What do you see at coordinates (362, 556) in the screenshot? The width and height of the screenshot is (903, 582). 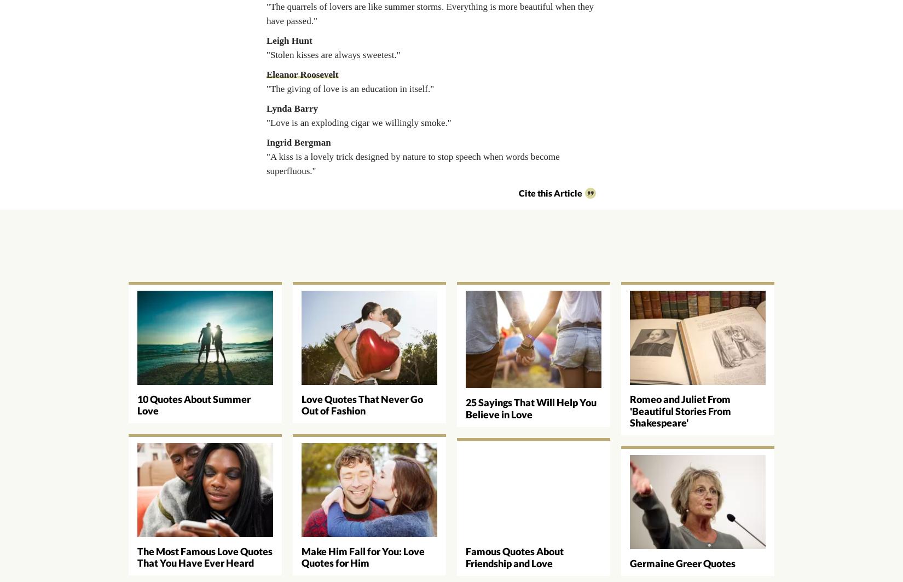 I see `'Make Him Fall for You: Love Quotes for Him'` at bounding box center [362, 556].